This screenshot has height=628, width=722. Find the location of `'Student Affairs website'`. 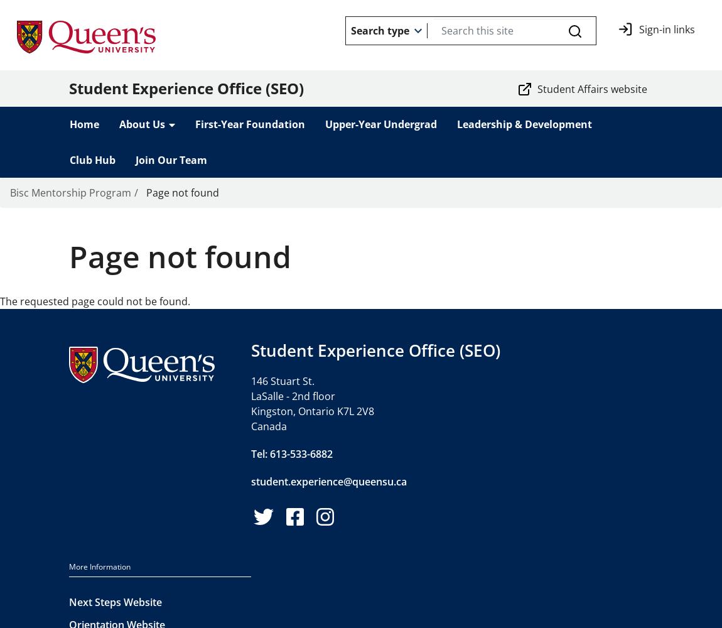

'Student Affairs website' is located at coordinates (591, 89).